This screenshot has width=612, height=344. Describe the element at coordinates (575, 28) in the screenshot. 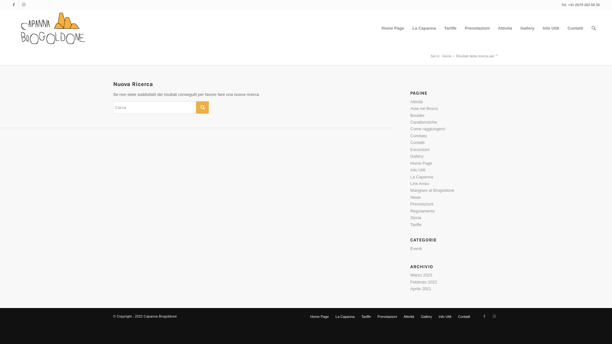

I see `'Contatti'` at that location.